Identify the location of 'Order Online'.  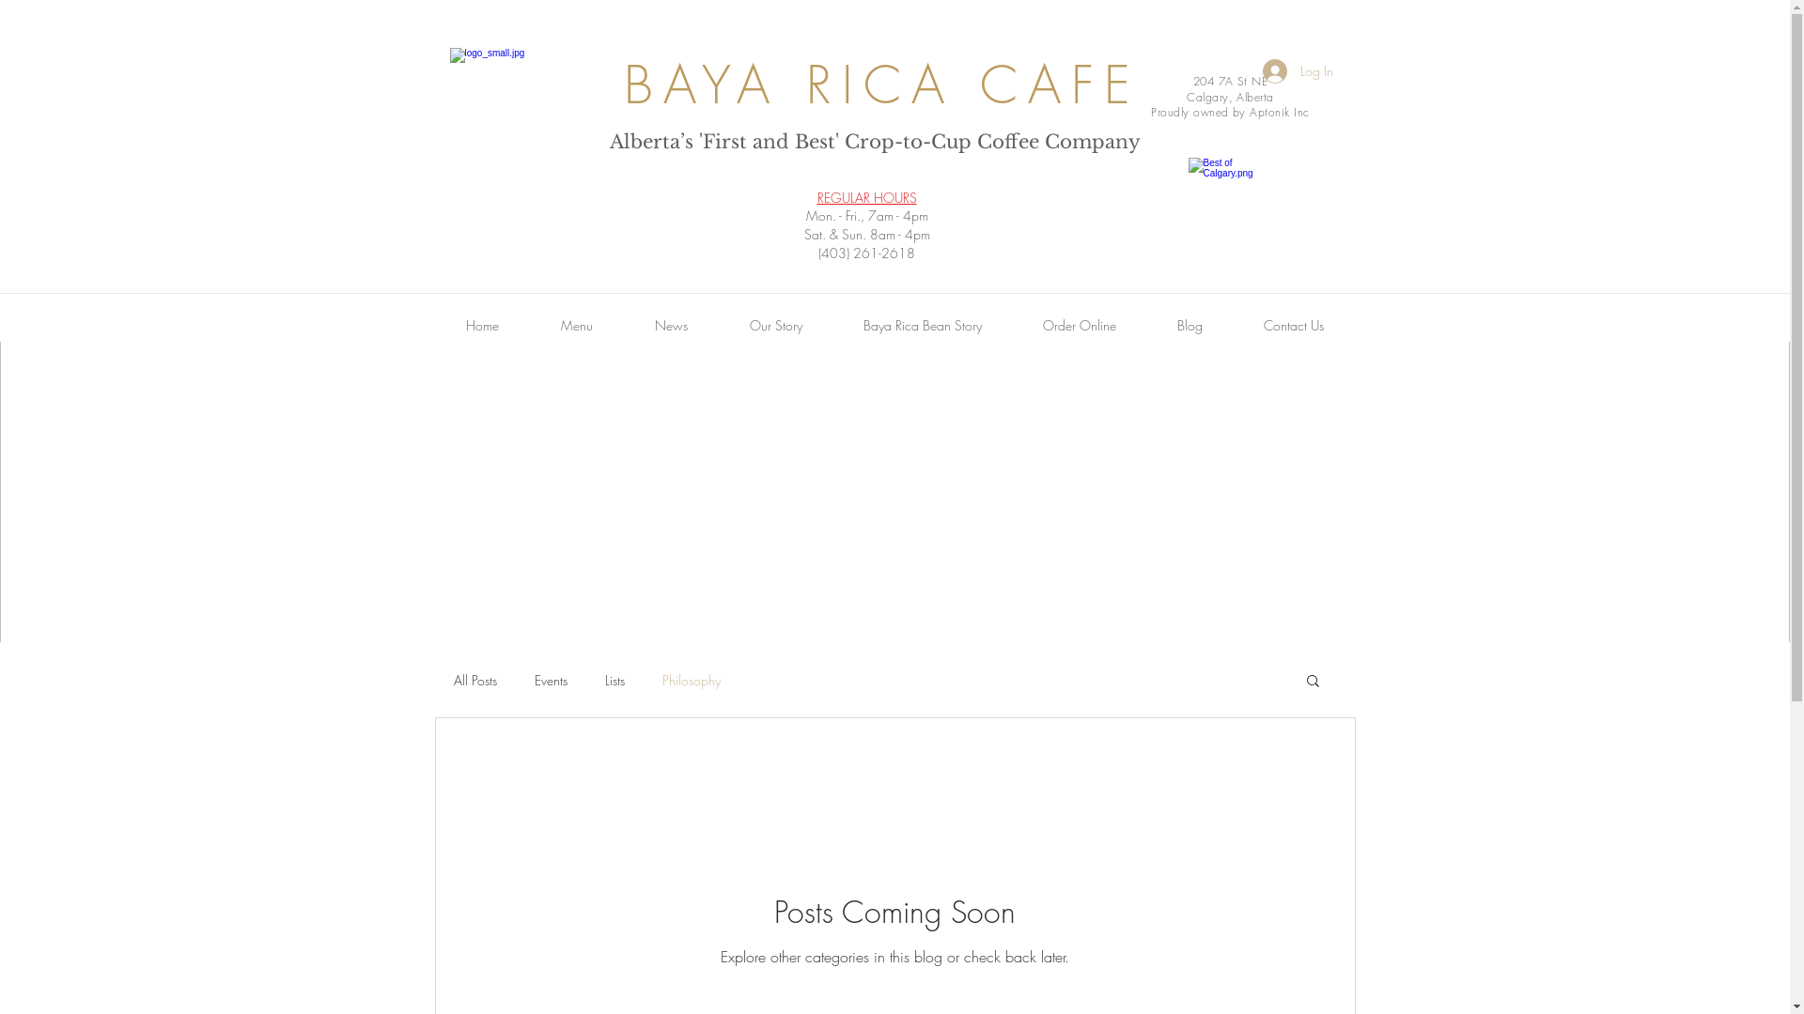
(1080, 325).